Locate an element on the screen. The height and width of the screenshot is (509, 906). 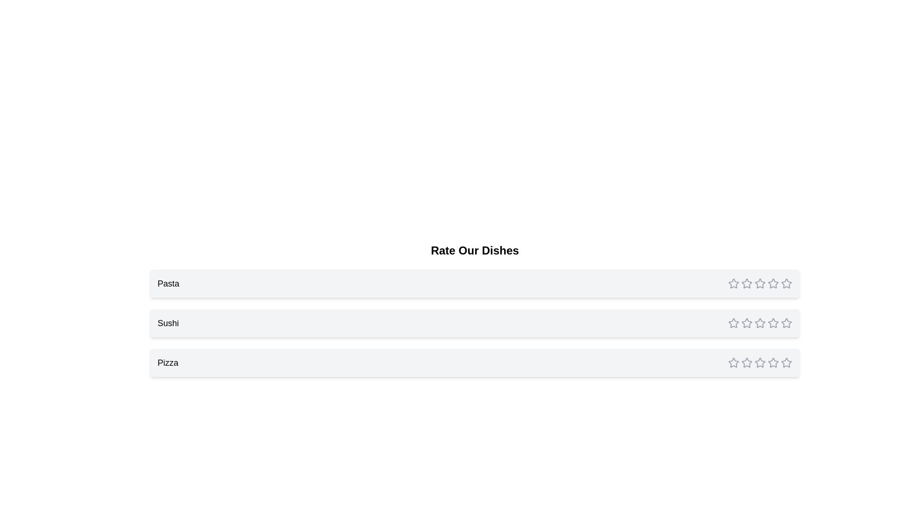
the fifth star in the horizontal rating bar located to the right of the 'Pizza' label to rate it is located at coordinates (786, 283).